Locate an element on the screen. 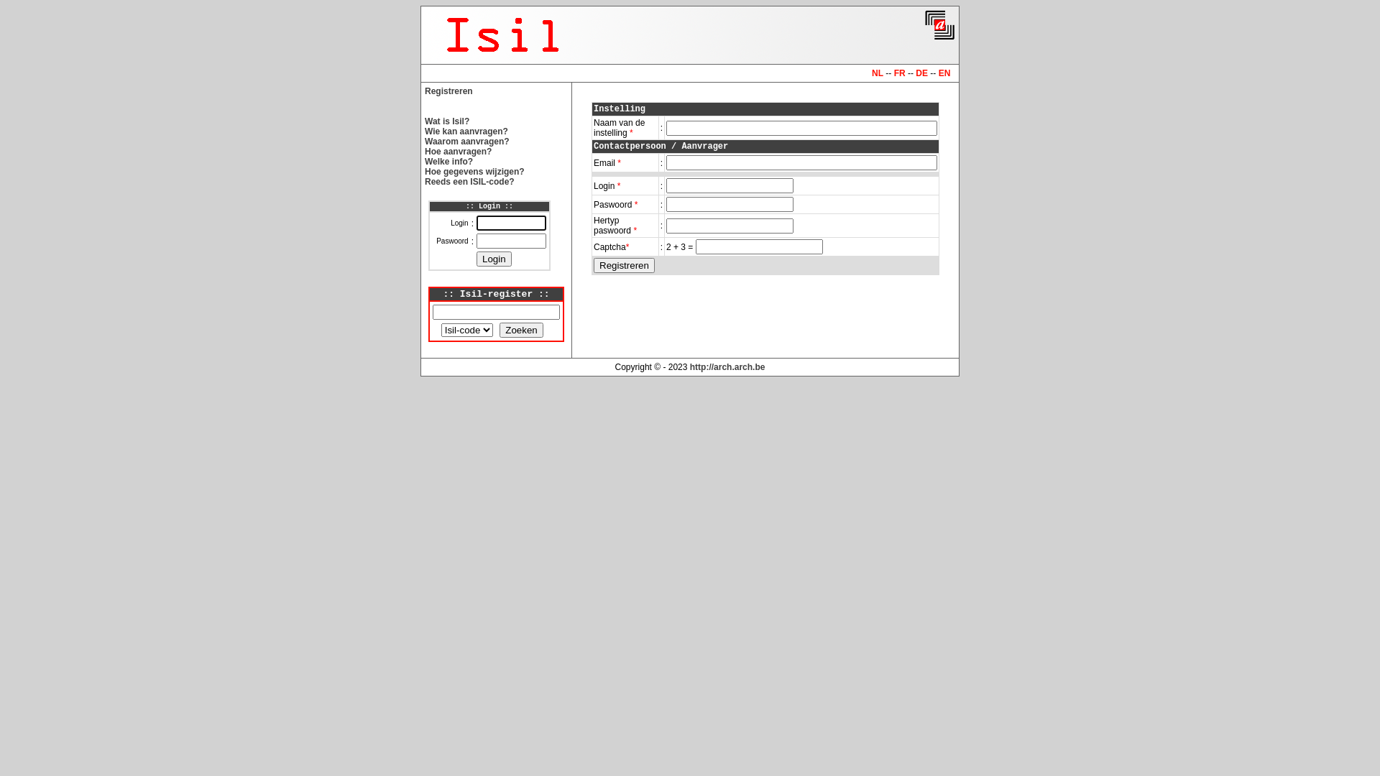  'Registreren' is located at coordinates (624, 265).